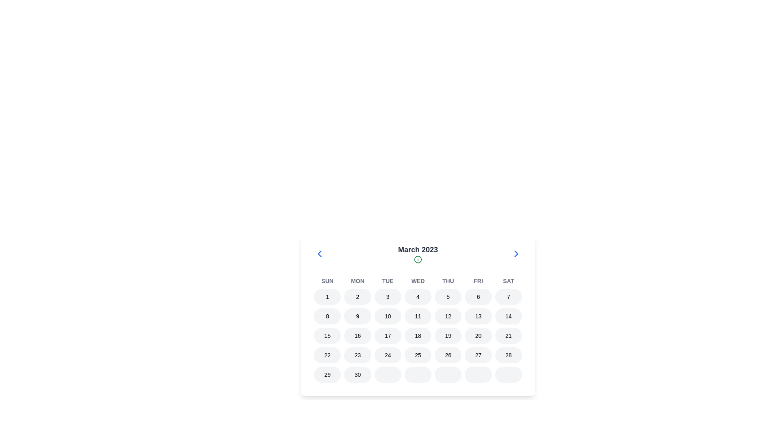  What do you see at coordinates (418, 260) in the screenshot?
I see `the circular icon with a green border located beneath the 'March 2023' title` at bounding box center [418, 260].